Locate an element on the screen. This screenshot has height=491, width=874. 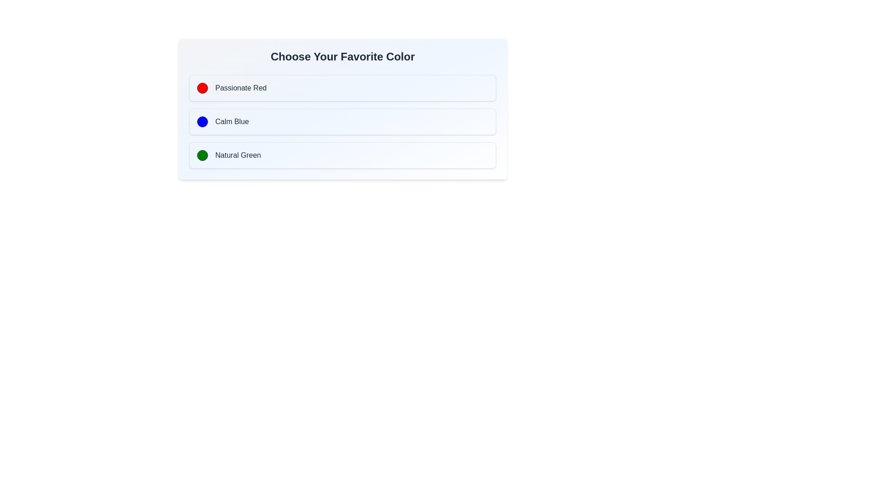
the text label reading 'Natural Green' is located at coordinates (238, 155).